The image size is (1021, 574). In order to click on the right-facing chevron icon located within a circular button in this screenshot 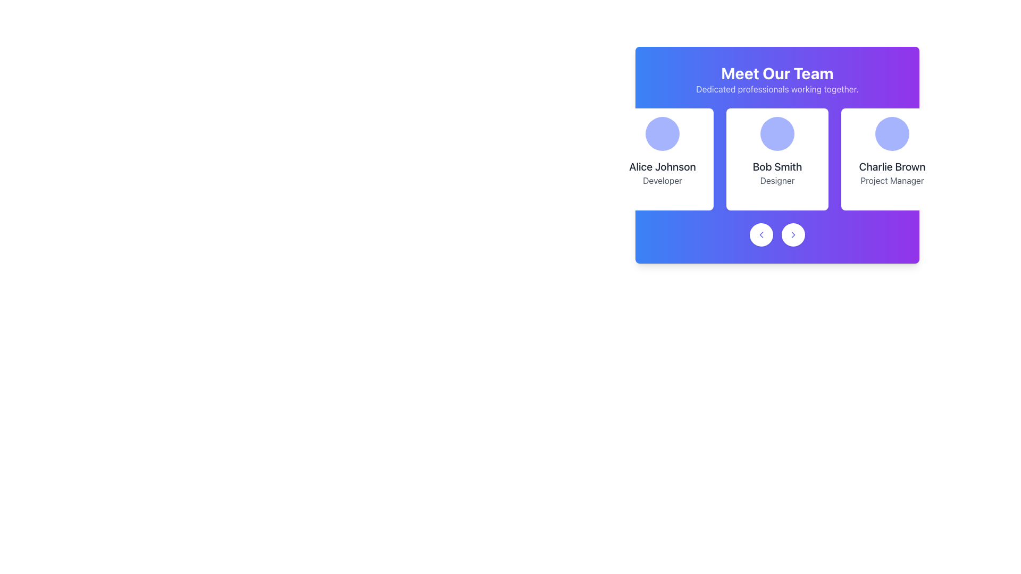, I will do `click(793, 234)`.